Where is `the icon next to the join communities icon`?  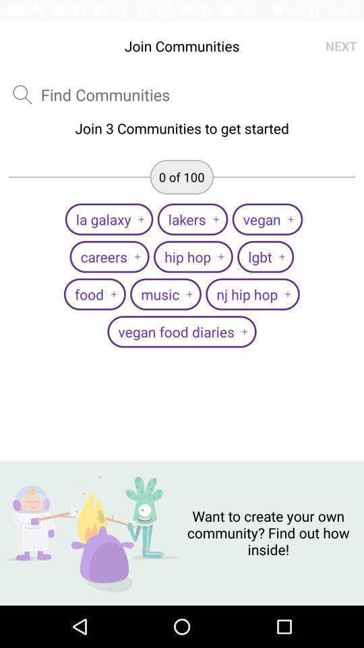
the icon next to the join communities icon is located at coordinates (340, 46).